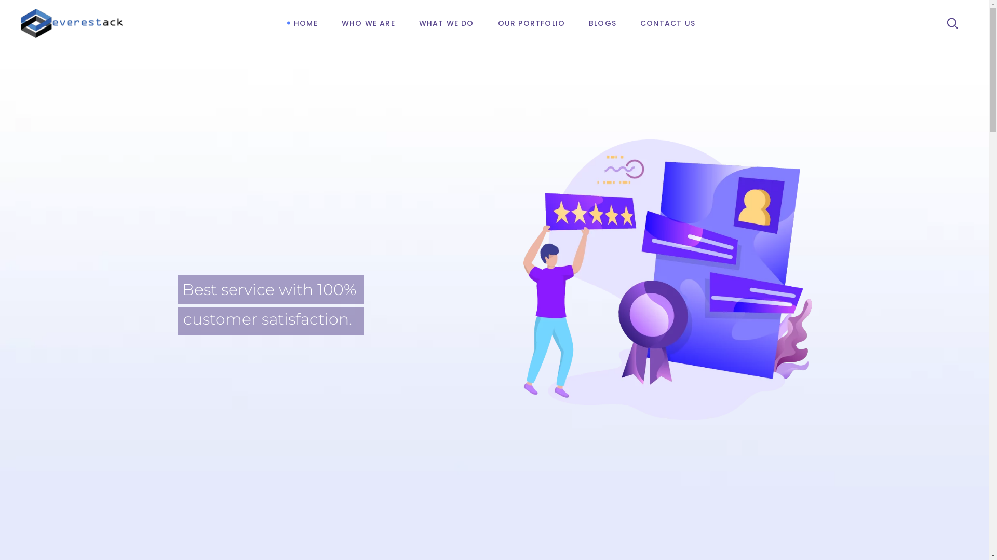  Describe the element at coordinates (368, 23) in the screenshot. I see `'WHO WE ARE'` at that location.